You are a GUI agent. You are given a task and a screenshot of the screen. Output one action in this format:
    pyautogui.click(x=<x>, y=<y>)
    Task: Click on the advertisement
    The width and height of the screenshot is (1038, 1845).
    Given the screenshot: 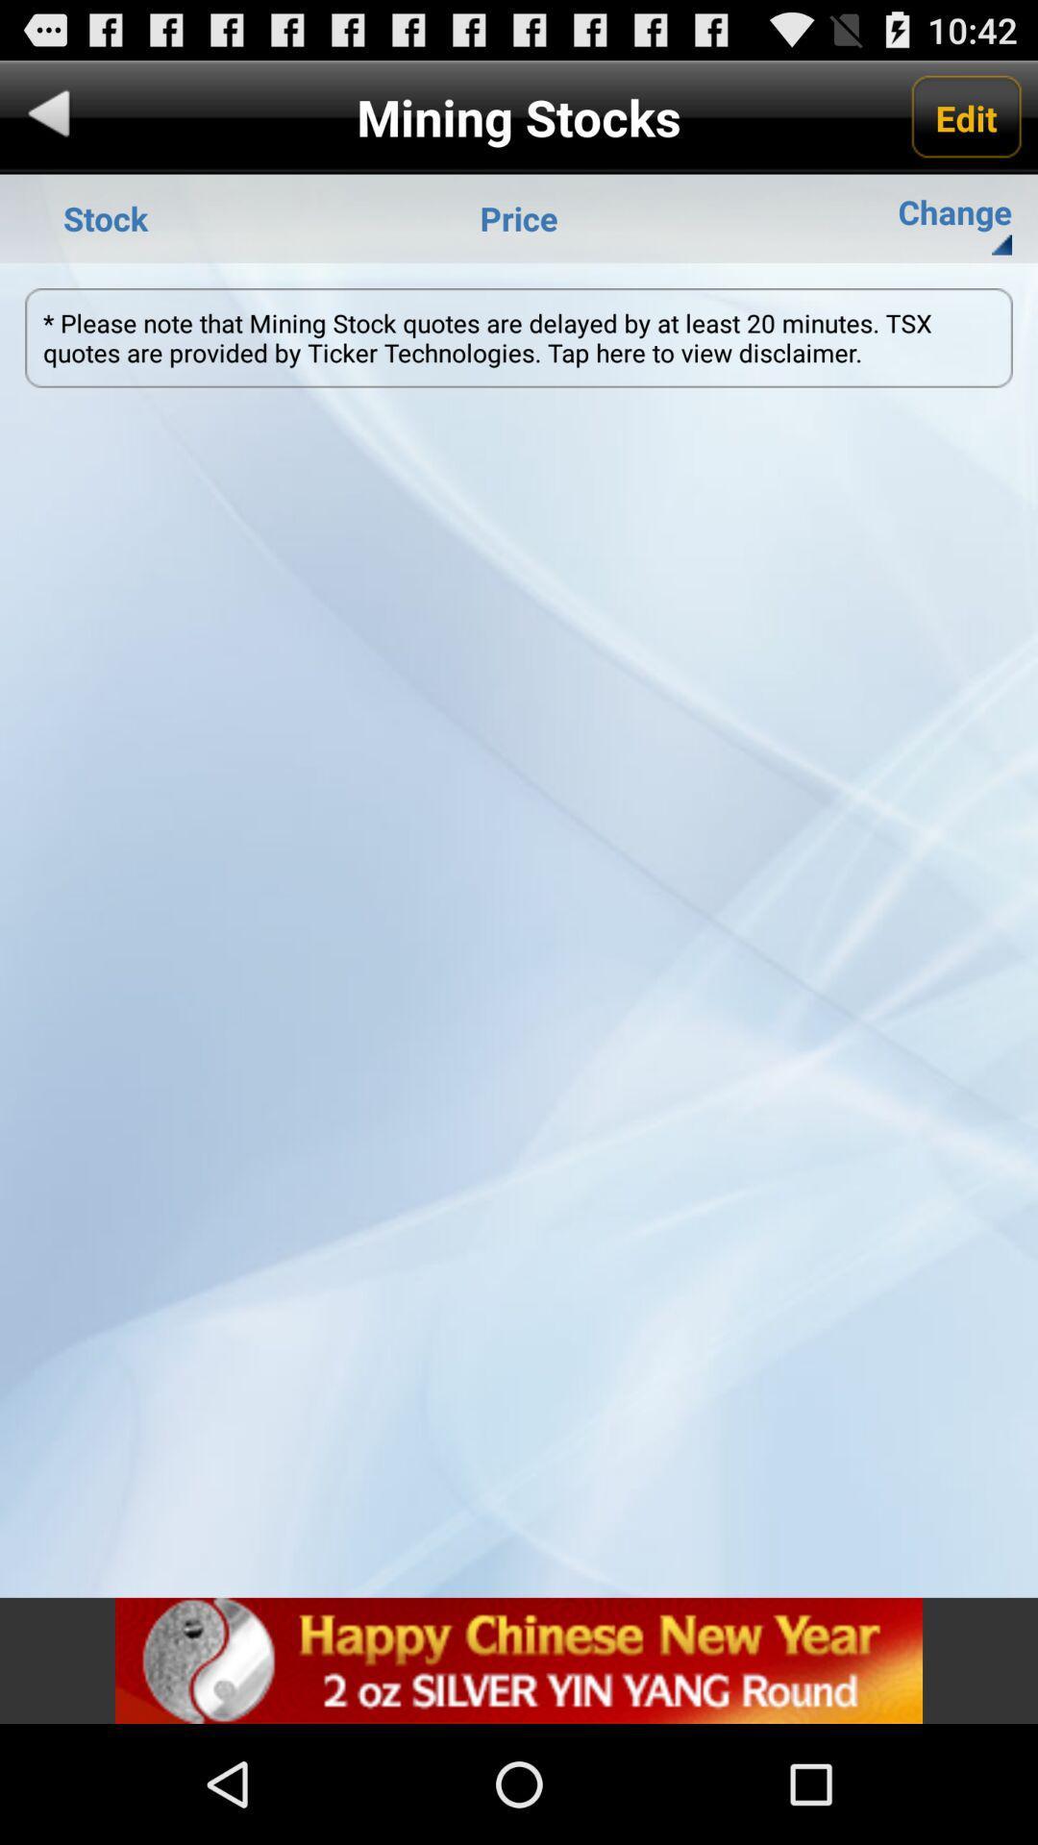 What is the action you would take?
    pyautogui.click(x=519, y=1660)
    